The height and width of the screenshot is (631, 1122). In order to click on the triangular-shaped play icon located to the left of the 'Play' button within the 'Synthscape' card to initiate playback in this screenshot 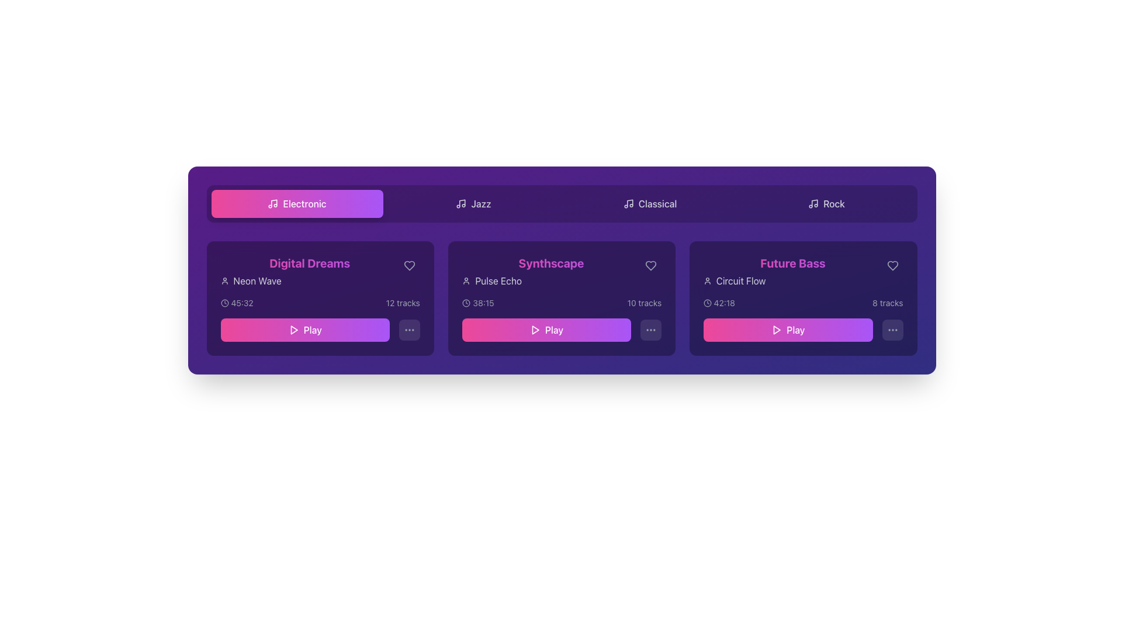, I will do `click(534, 330)`.